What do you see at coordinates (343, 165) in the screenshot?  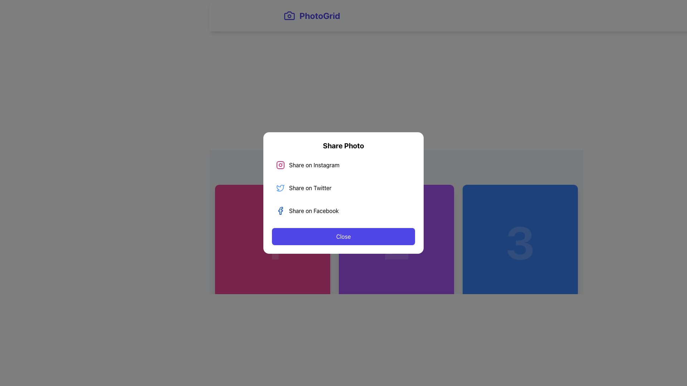 I see `the button labeled 'Share on Instagram' with a pink logo` at bounding box center [343, 165].